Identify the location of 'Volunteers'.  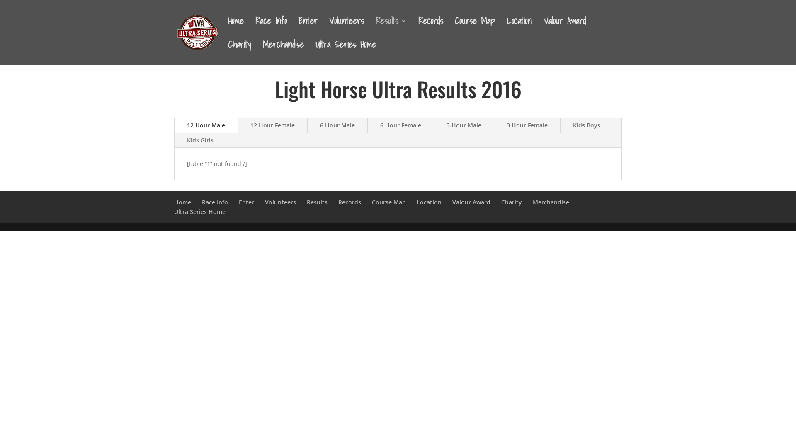
(280, 202).